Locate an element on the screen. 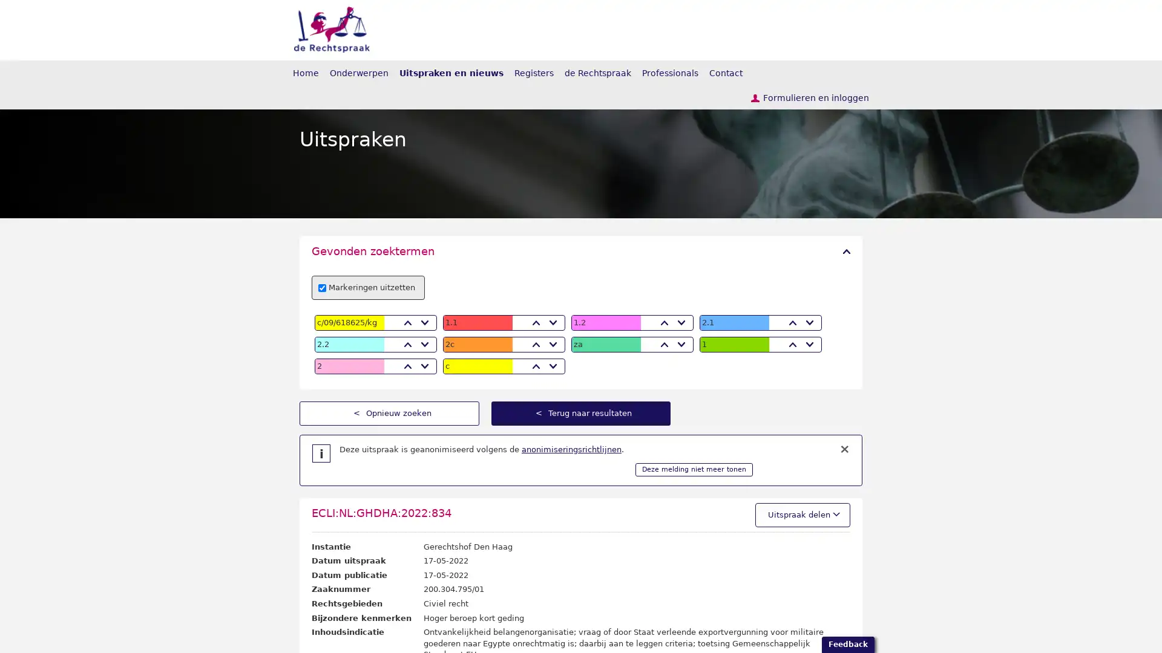  Volgende zoek term is located at coordinates (424, 344).